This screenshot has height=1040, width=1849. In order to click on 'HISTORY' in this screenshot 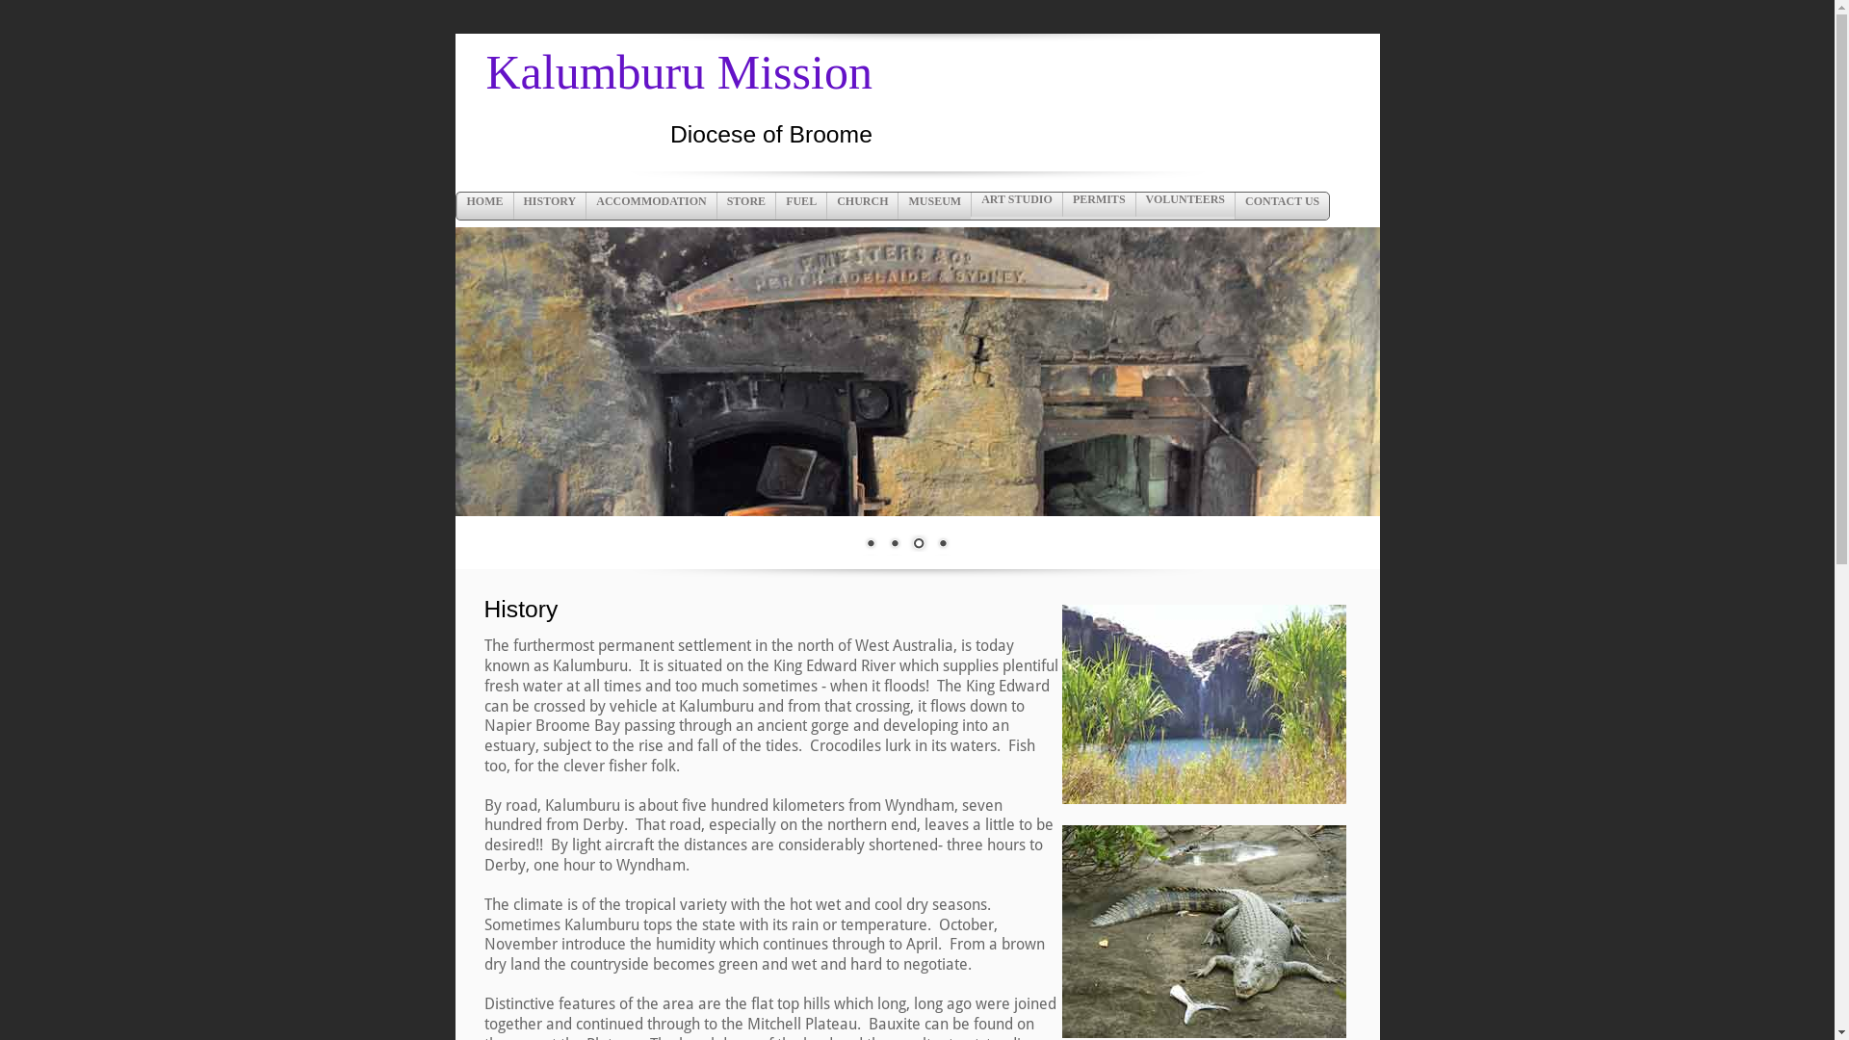, I will do `click(548, 205)`.